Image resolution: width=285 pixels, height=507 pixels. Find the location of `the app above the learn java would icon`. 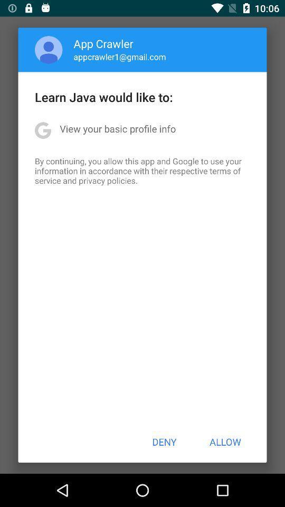

the app above the learn java would icon is located at coordinates (48, 50).